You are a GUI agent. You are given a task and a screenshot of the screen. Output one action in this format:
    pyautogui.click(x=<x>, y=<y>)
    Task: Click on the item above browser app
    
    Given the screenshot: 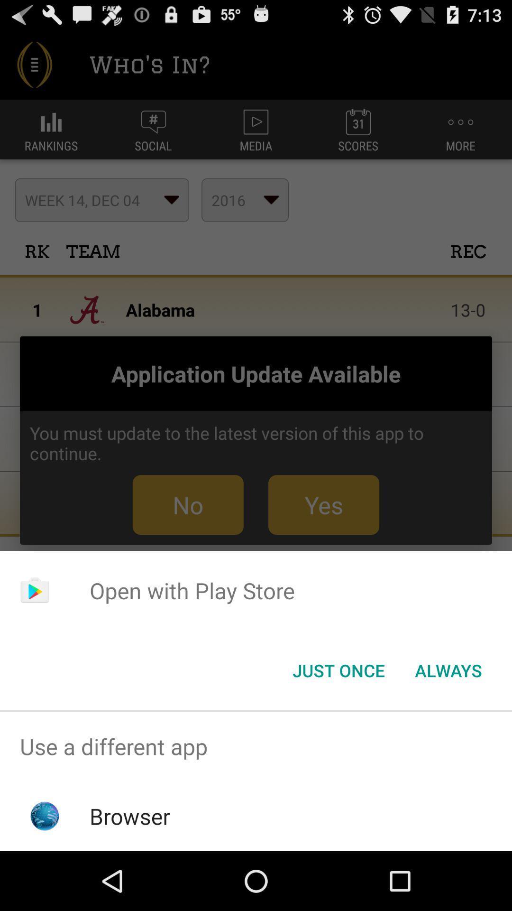 What is the action you would take?
    pyautogui.click(x=256, y=746)
    